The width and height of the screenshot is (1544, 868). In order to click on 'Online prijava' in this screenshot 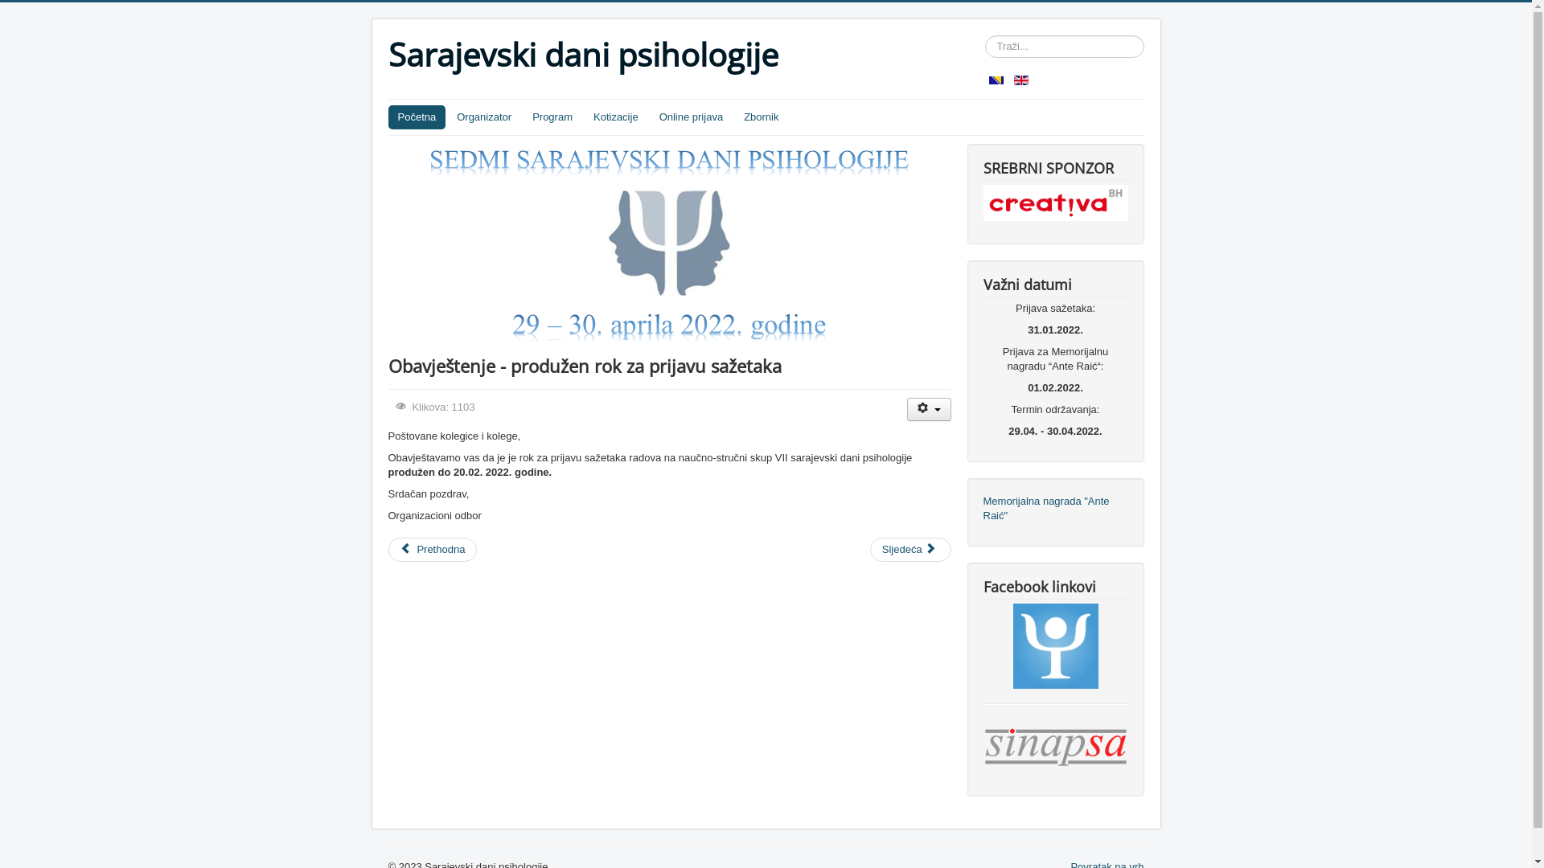, I will do `click(691, 117)`.